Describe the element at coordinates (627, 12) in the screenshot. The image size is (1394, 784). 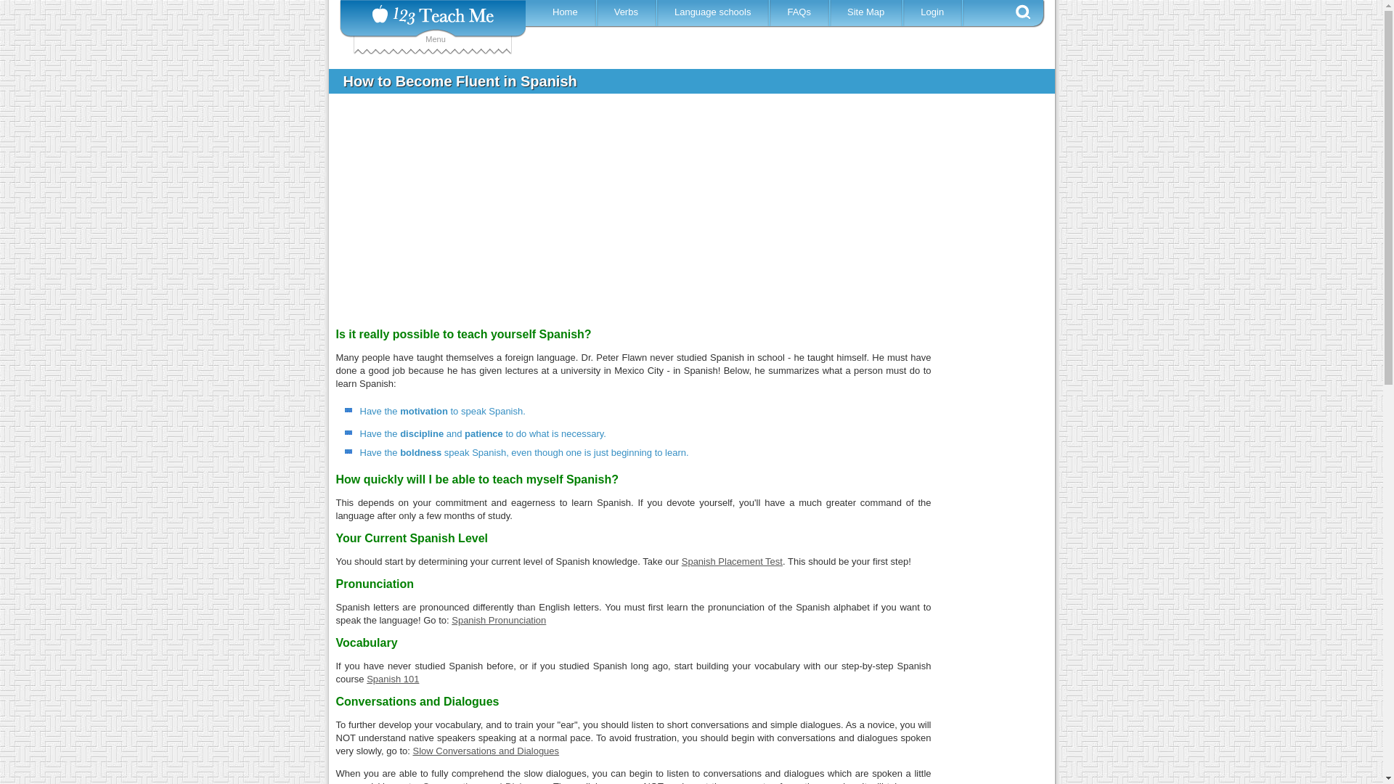
I see `'Verbs'` at that location.